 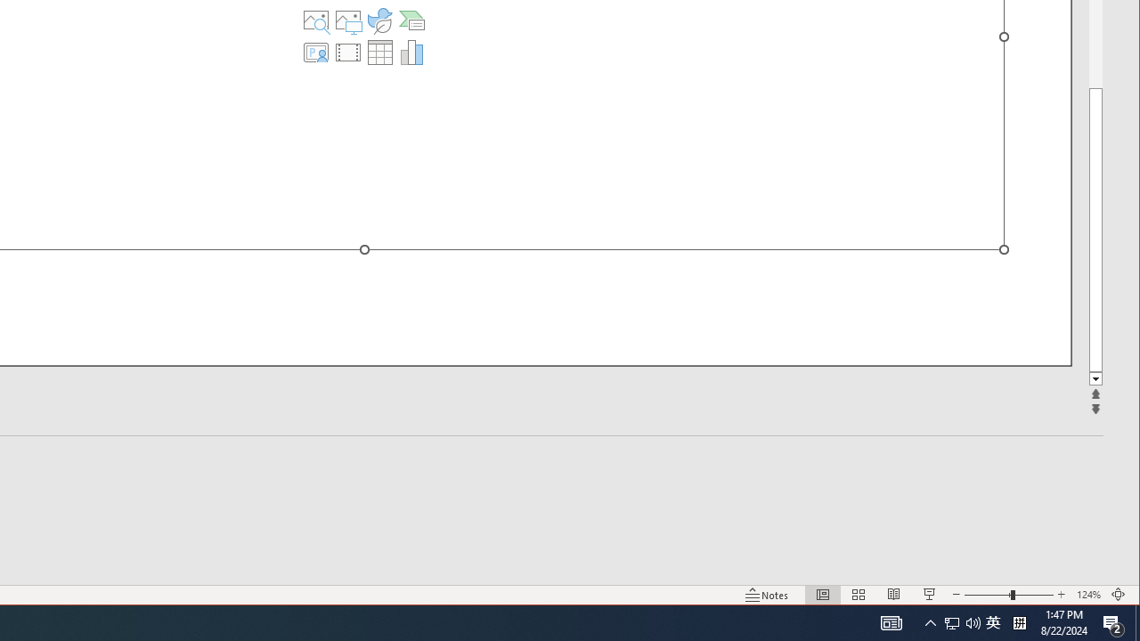 I want to click on 'Zoom 124%', so click(x=1087, y=595).